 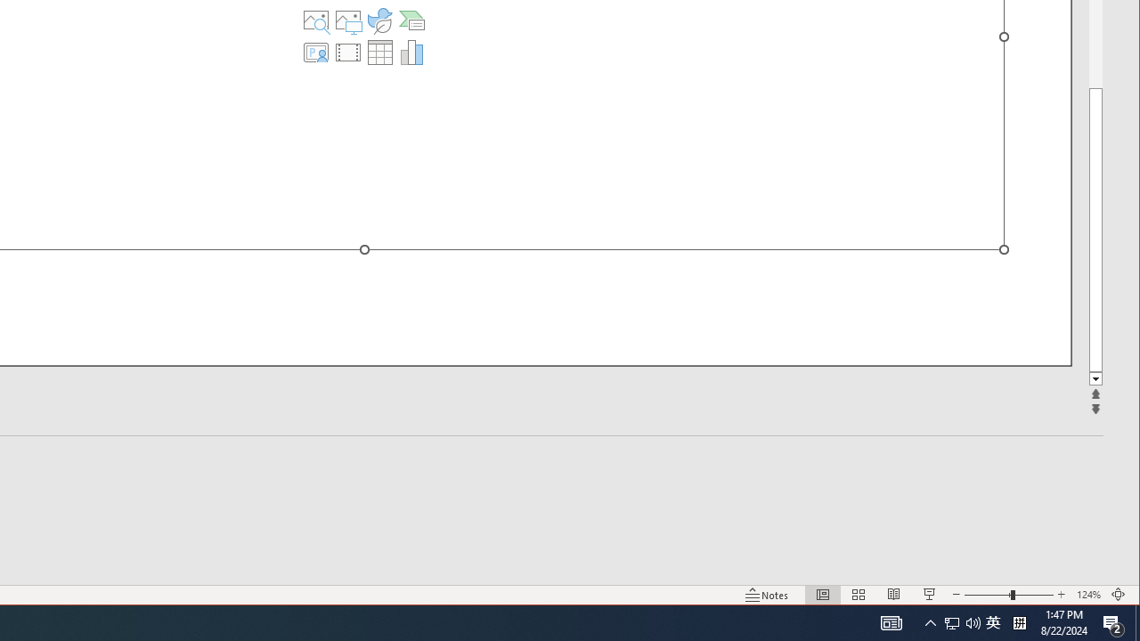 I want to click on 'Zoom 124%', so click(x=1087, y=595).